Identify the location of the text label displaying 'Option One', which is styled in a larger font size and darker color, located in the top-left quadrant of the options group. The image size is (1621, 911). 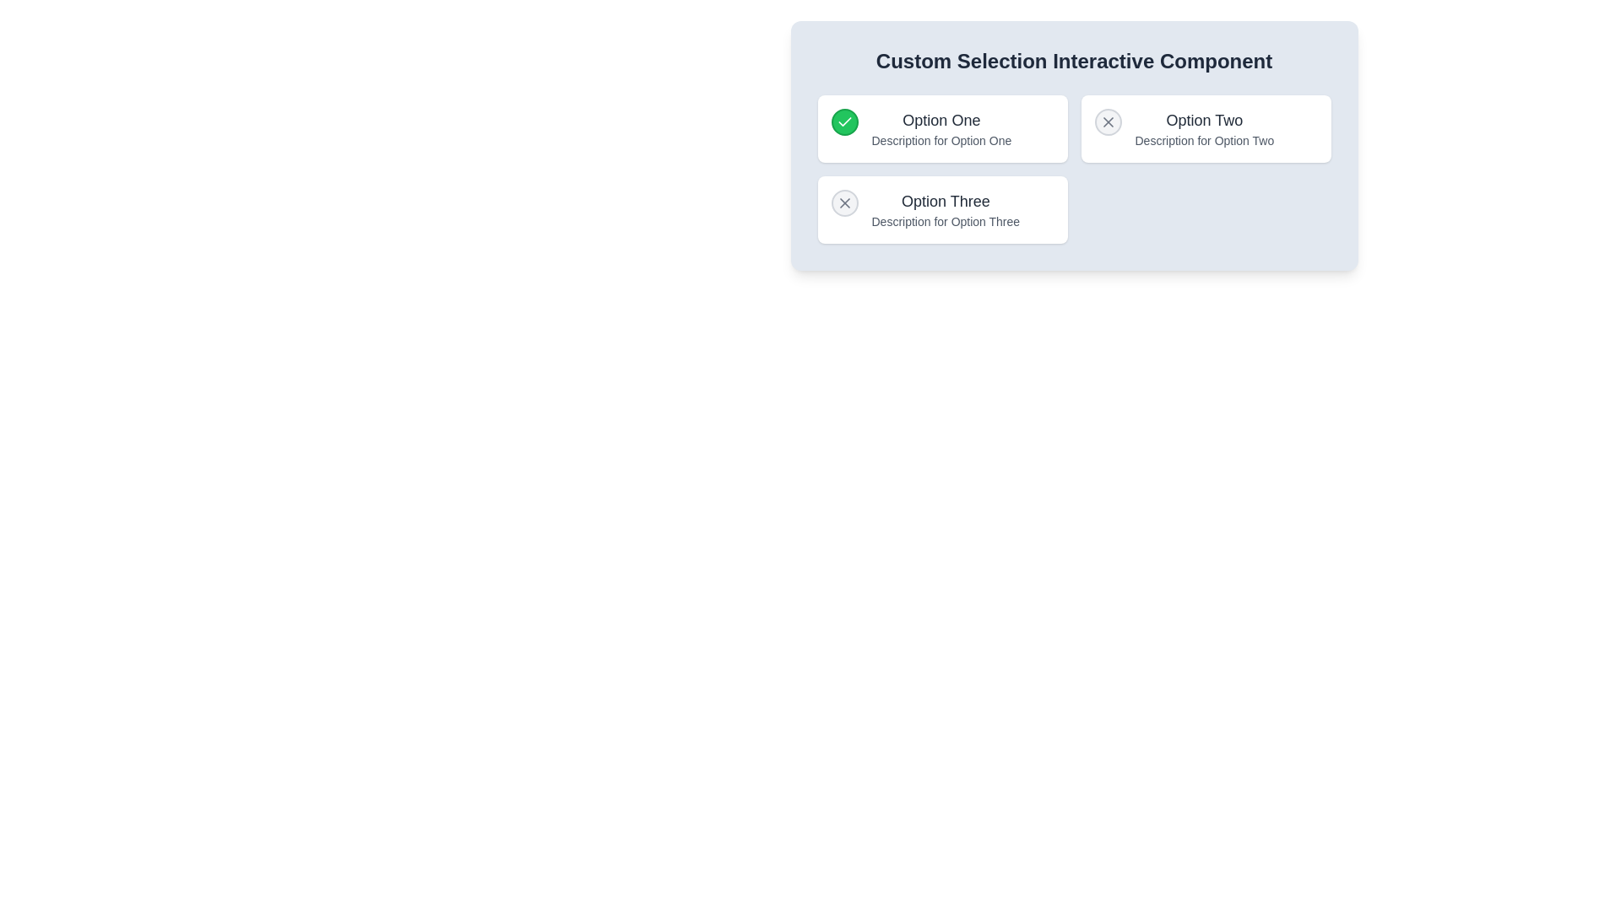
(941, 119).